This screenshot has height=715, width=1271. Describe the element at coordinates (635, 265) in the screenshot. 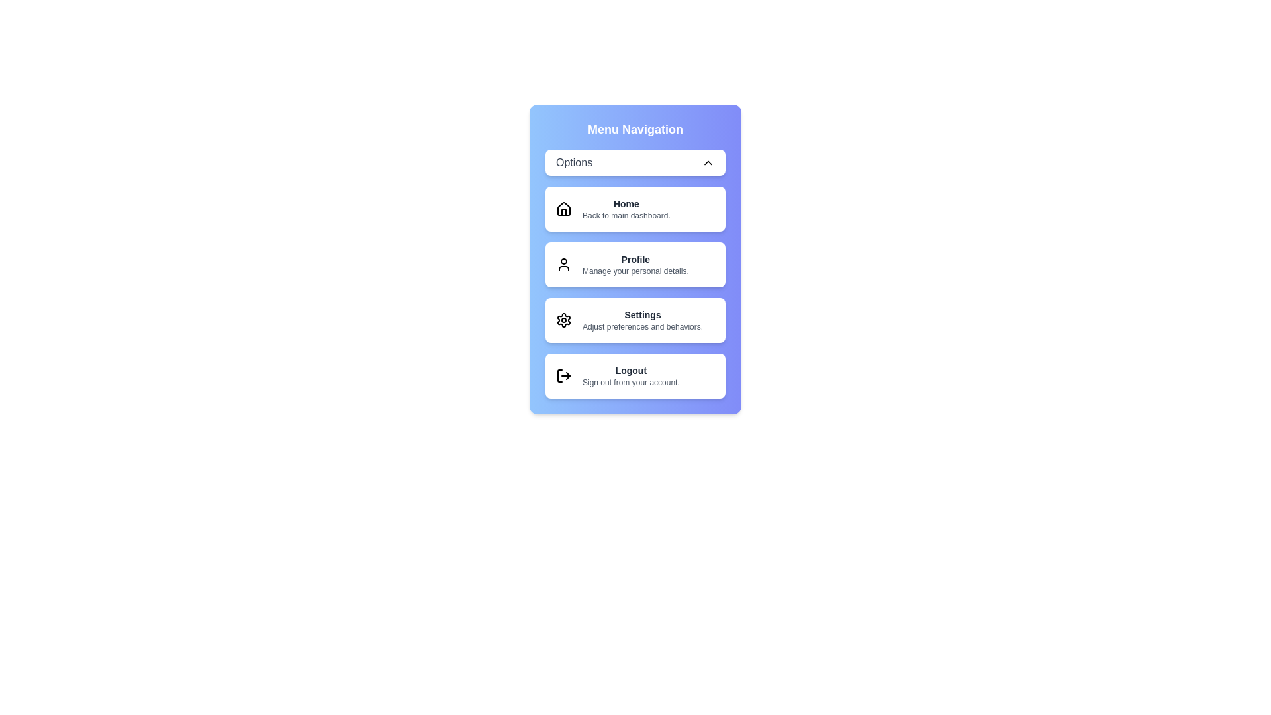

I see `the menu item Profile to preview its details` at that location.